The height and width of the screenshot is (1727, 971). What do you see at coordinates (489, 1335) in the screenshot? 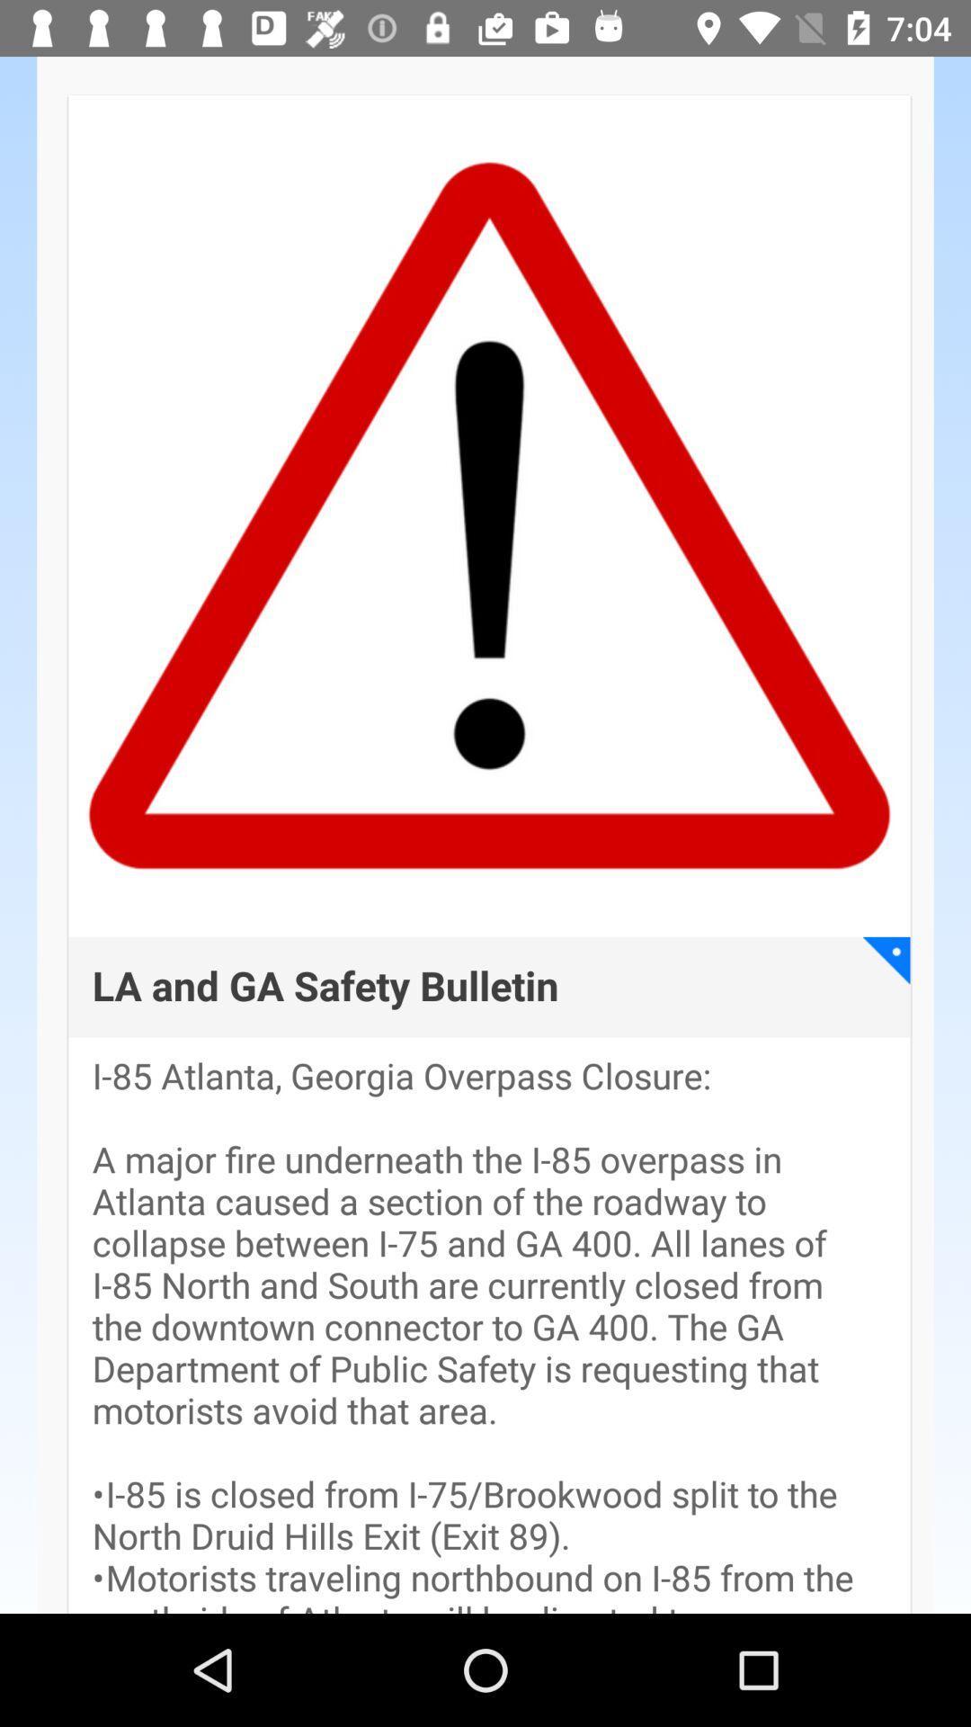
I see `item below la and ga item` at bounding box center [489, 1335].